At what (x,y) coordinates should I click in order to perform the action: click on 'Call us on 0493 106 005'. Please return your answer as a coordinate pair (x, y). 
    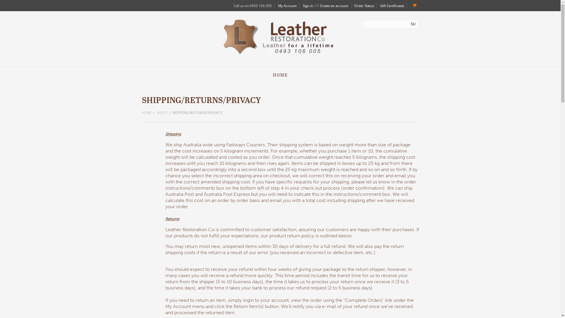
    Looking at the image, I should click on (253, 6).